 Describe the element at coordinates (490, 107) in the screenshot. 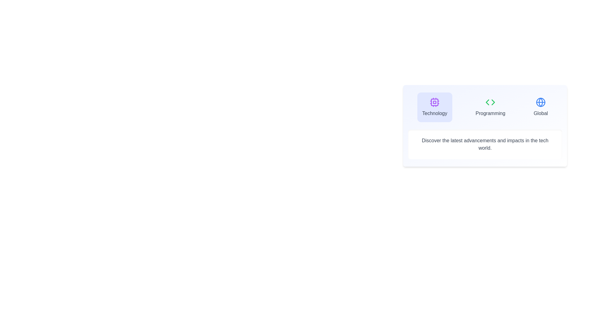

I see `the tab with the icon representing Programming` at that location.